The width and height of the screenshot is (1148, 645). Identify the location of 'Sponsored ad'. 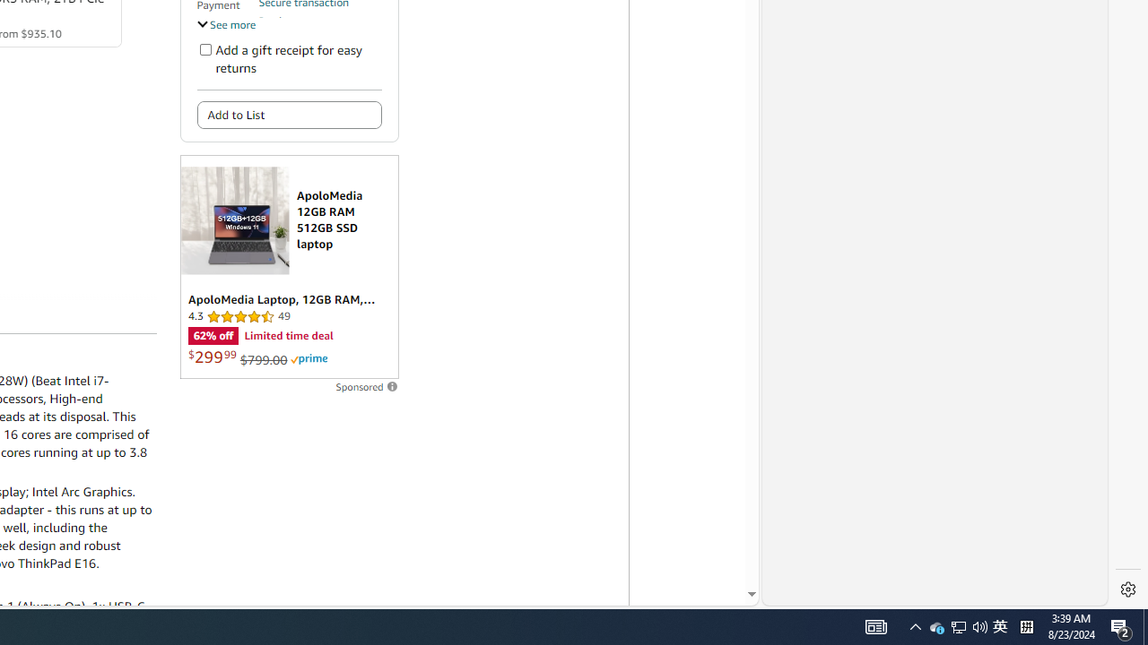
(289, 267).